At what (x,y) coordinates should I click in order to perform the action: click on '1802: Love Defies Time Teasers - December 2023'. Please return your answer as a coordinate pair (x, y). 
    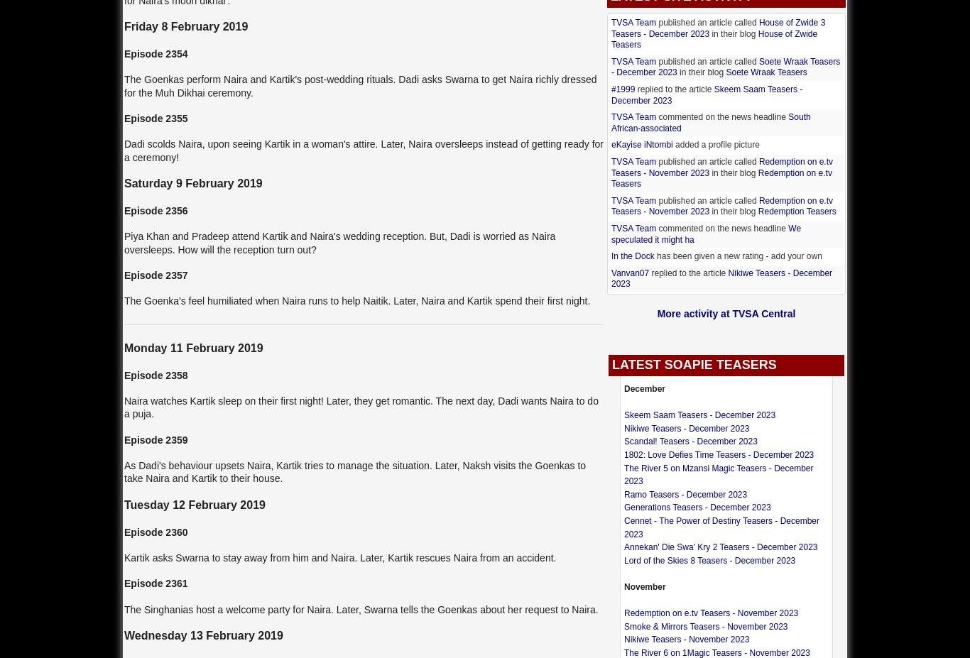
    Looking at the image, I should click on (719, 454).